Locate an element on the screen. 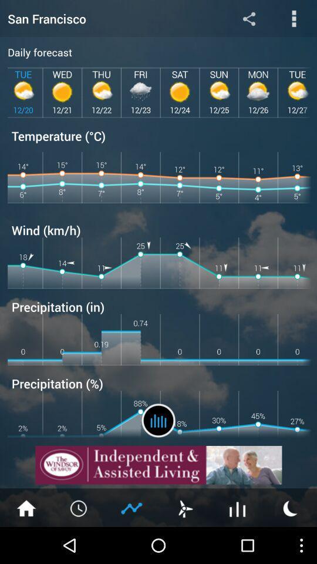 This screenshot has width=317, height=564. alarm is located at coordinates (79, 507).